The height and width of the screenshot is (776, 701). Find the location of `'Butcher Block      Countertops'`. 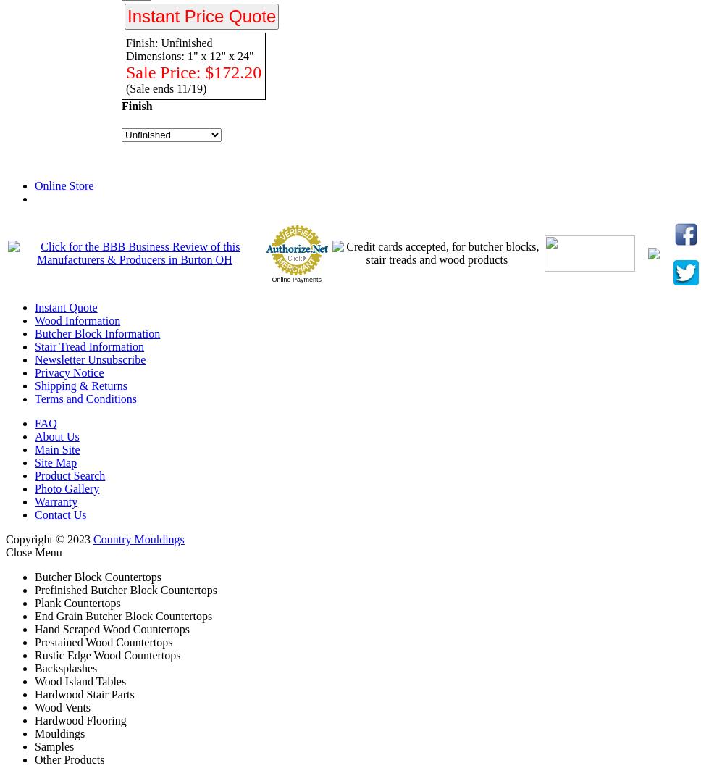

'Butcher Block      Countertops' is located at coordinates (97, 576).